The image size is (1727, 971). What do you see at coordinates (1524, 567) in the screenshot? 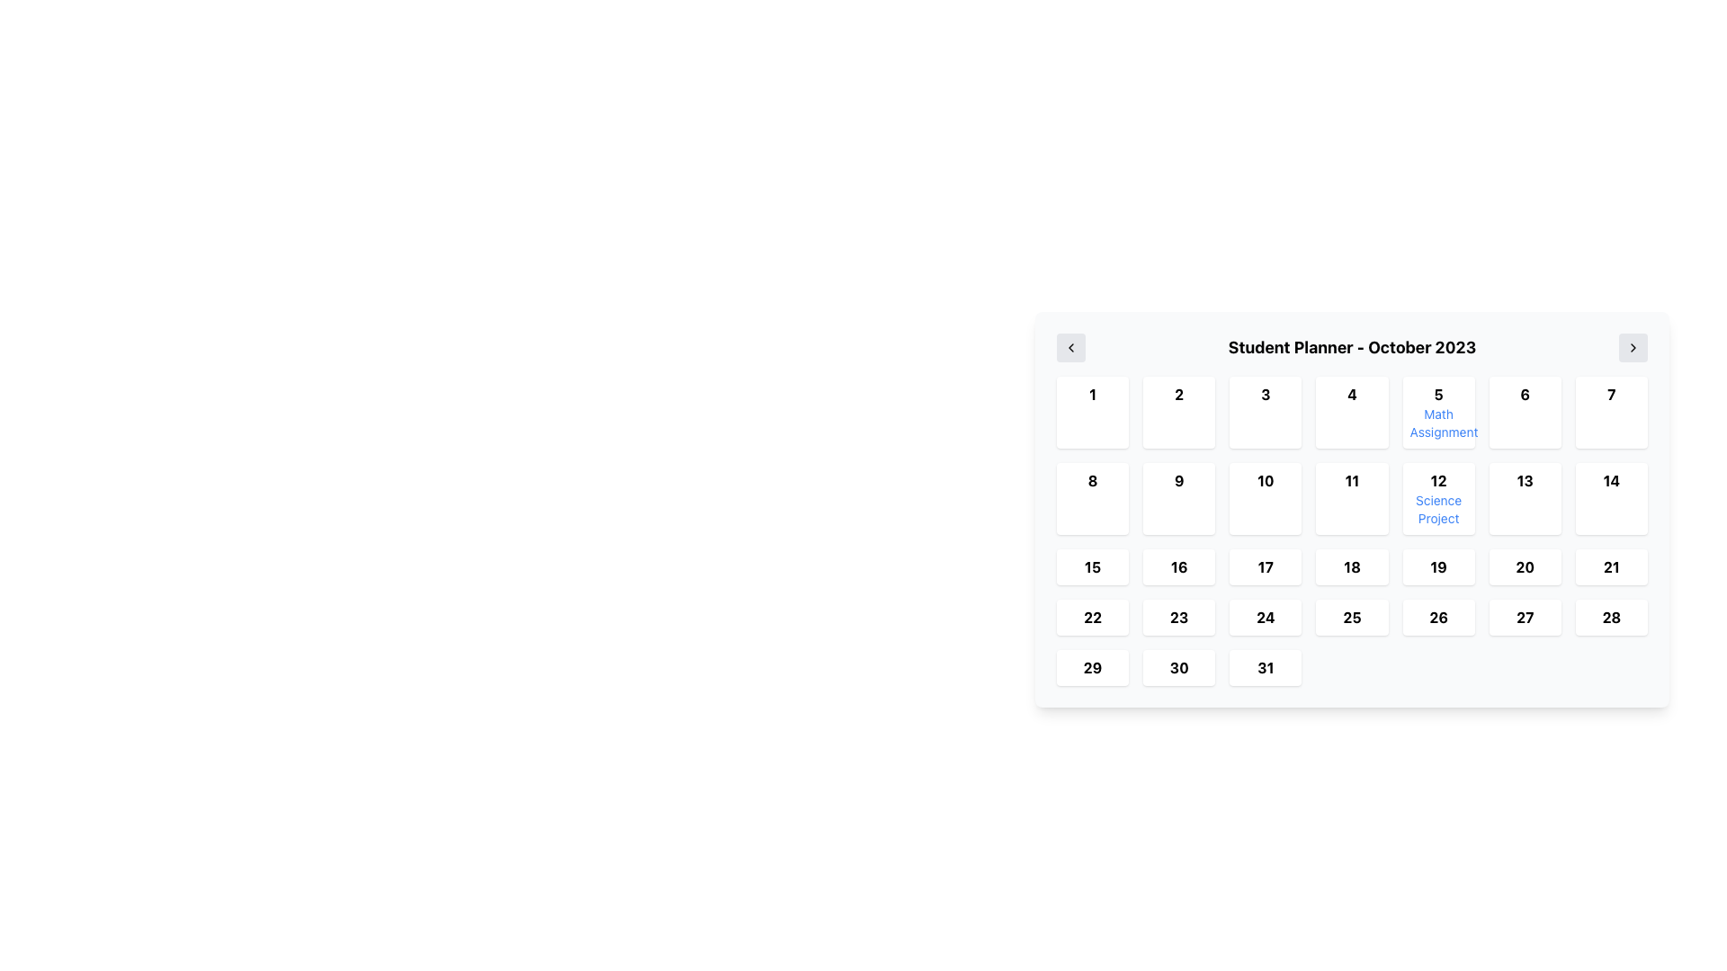
I see `to select the date '20' in the calendar grid, located in the sixth column of the third row` at bounding box center [1524, 567].